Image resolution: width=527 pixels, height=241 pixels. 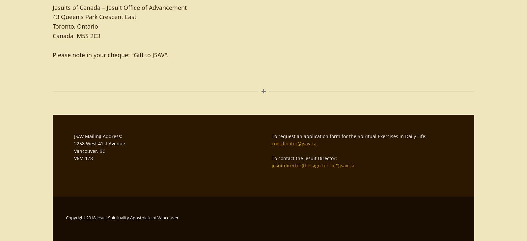 I want to click on 'To request an application form for the Spiritual Exercises in Daily Life:', so click(x=349, y=136).